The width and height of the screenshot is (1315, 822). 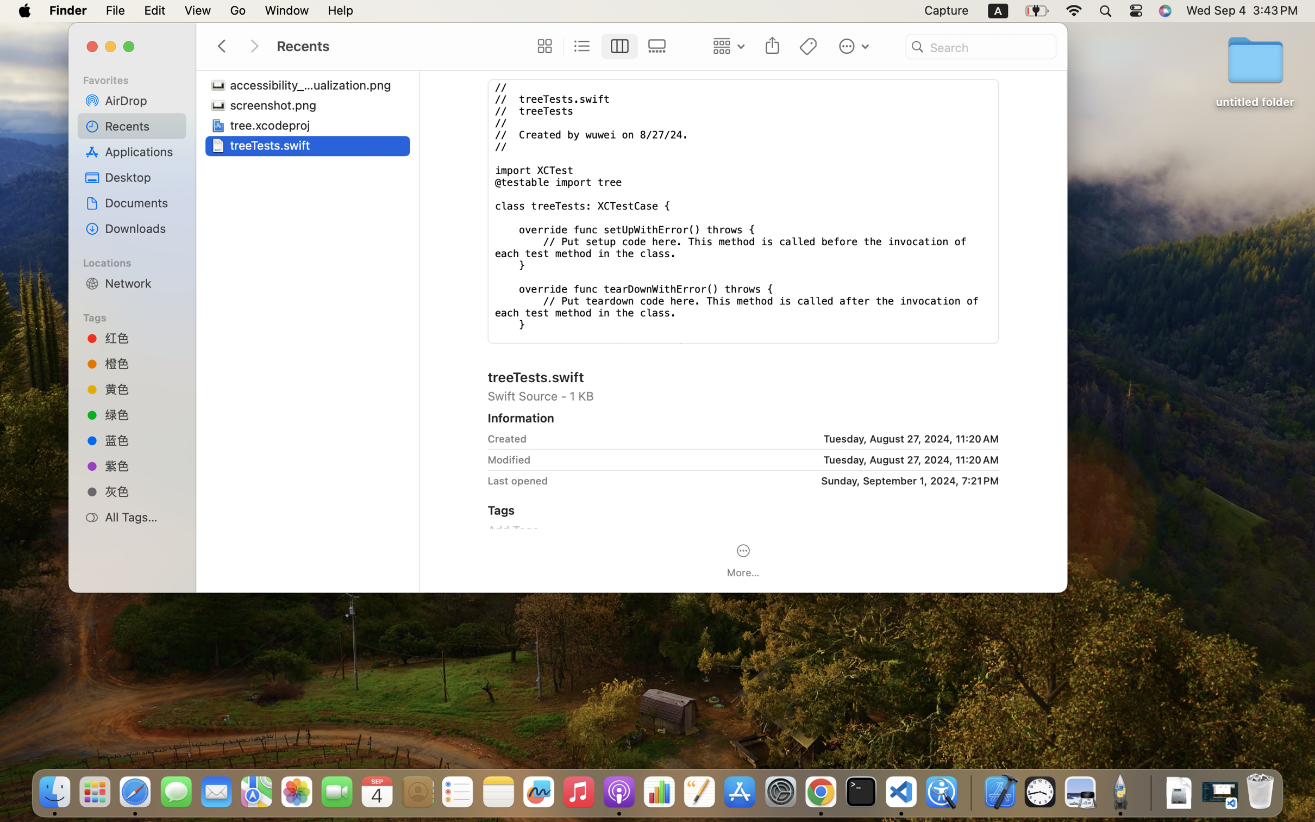 What do you see at coordinates (136, 261) in the screenshot?
I see `'Locations'` at bounding box center [136, 261].